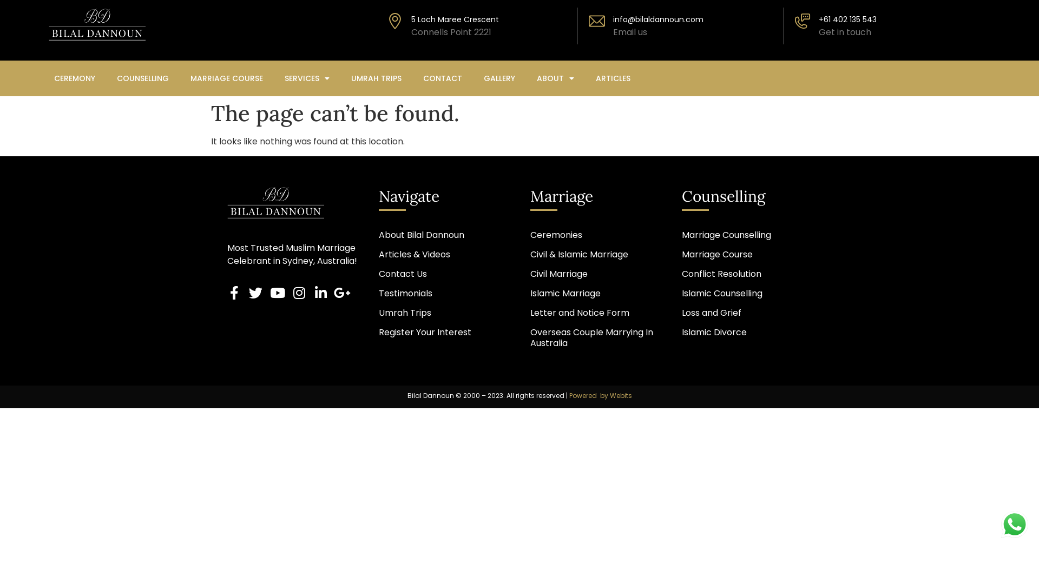 The image size is (1039, 584). Describe the element at coordinates (746, 254) in the screenshot. I see `'Marriage Course'` at that location.